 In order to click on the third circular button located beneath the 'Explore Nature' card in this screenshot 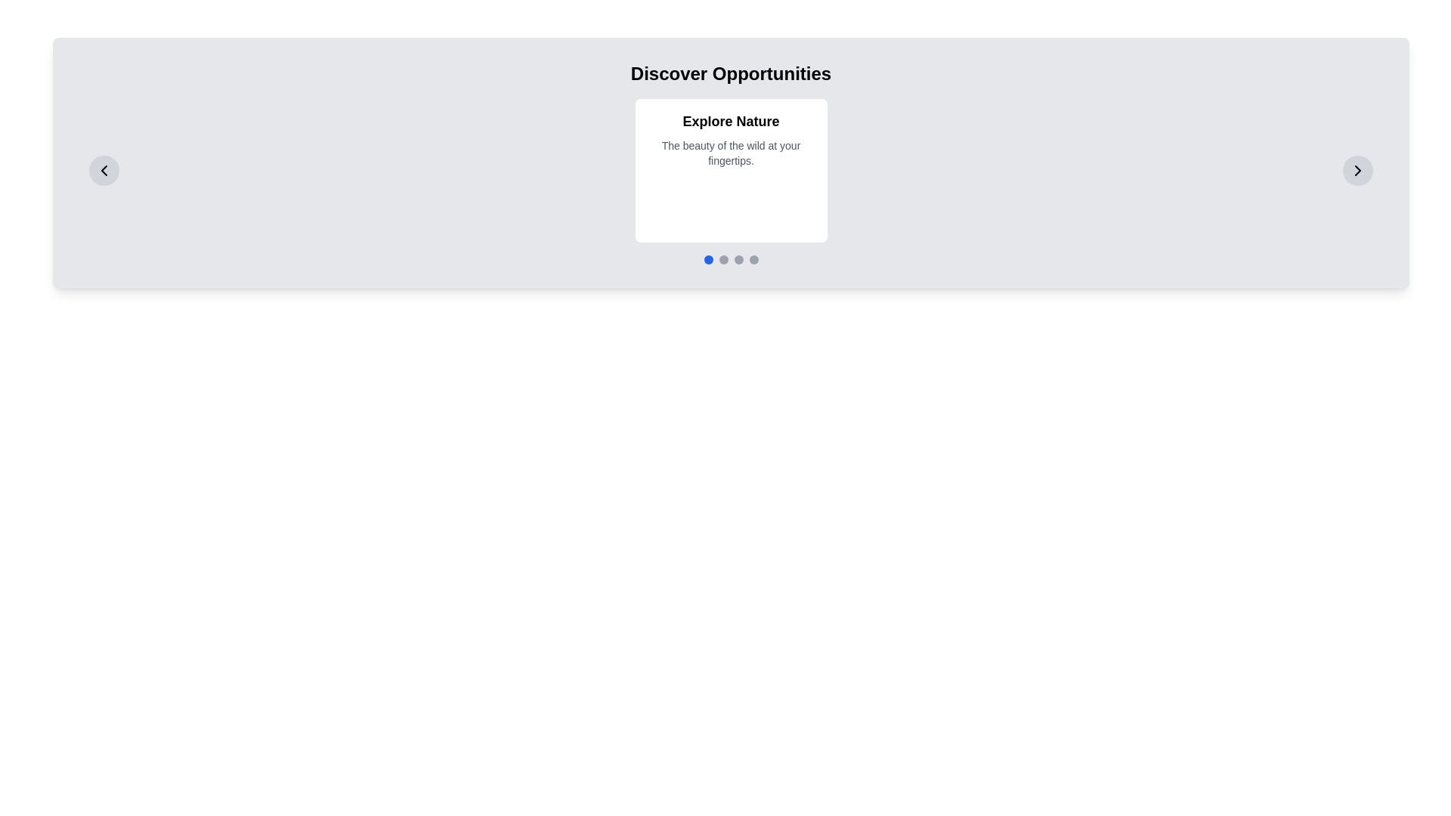, I will do `click(738, 258)`.